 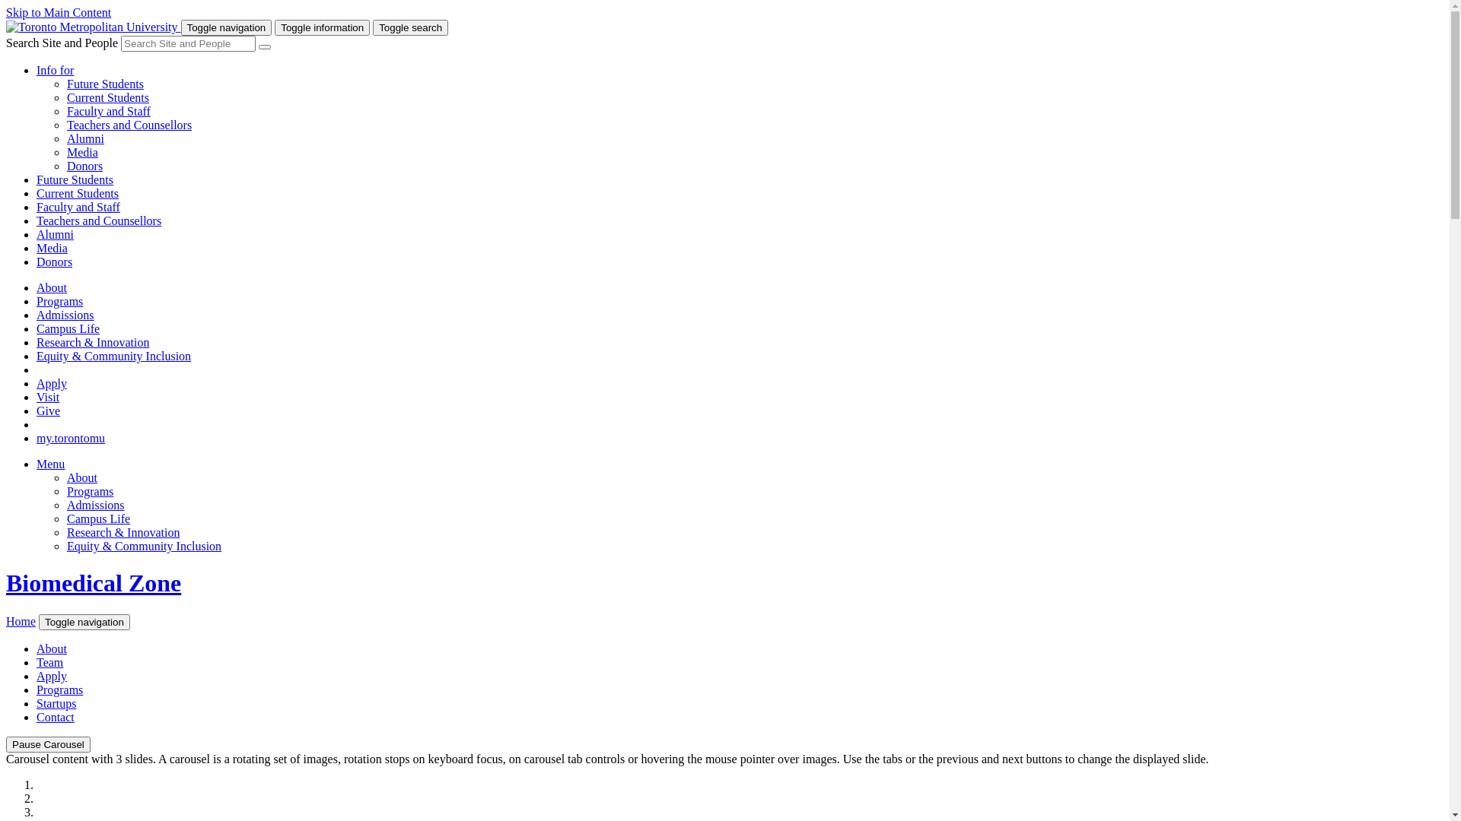 What do you see at coordinates (49, 661) in the screenshot?
I see `'Team'` at bounding box center [49, 661].